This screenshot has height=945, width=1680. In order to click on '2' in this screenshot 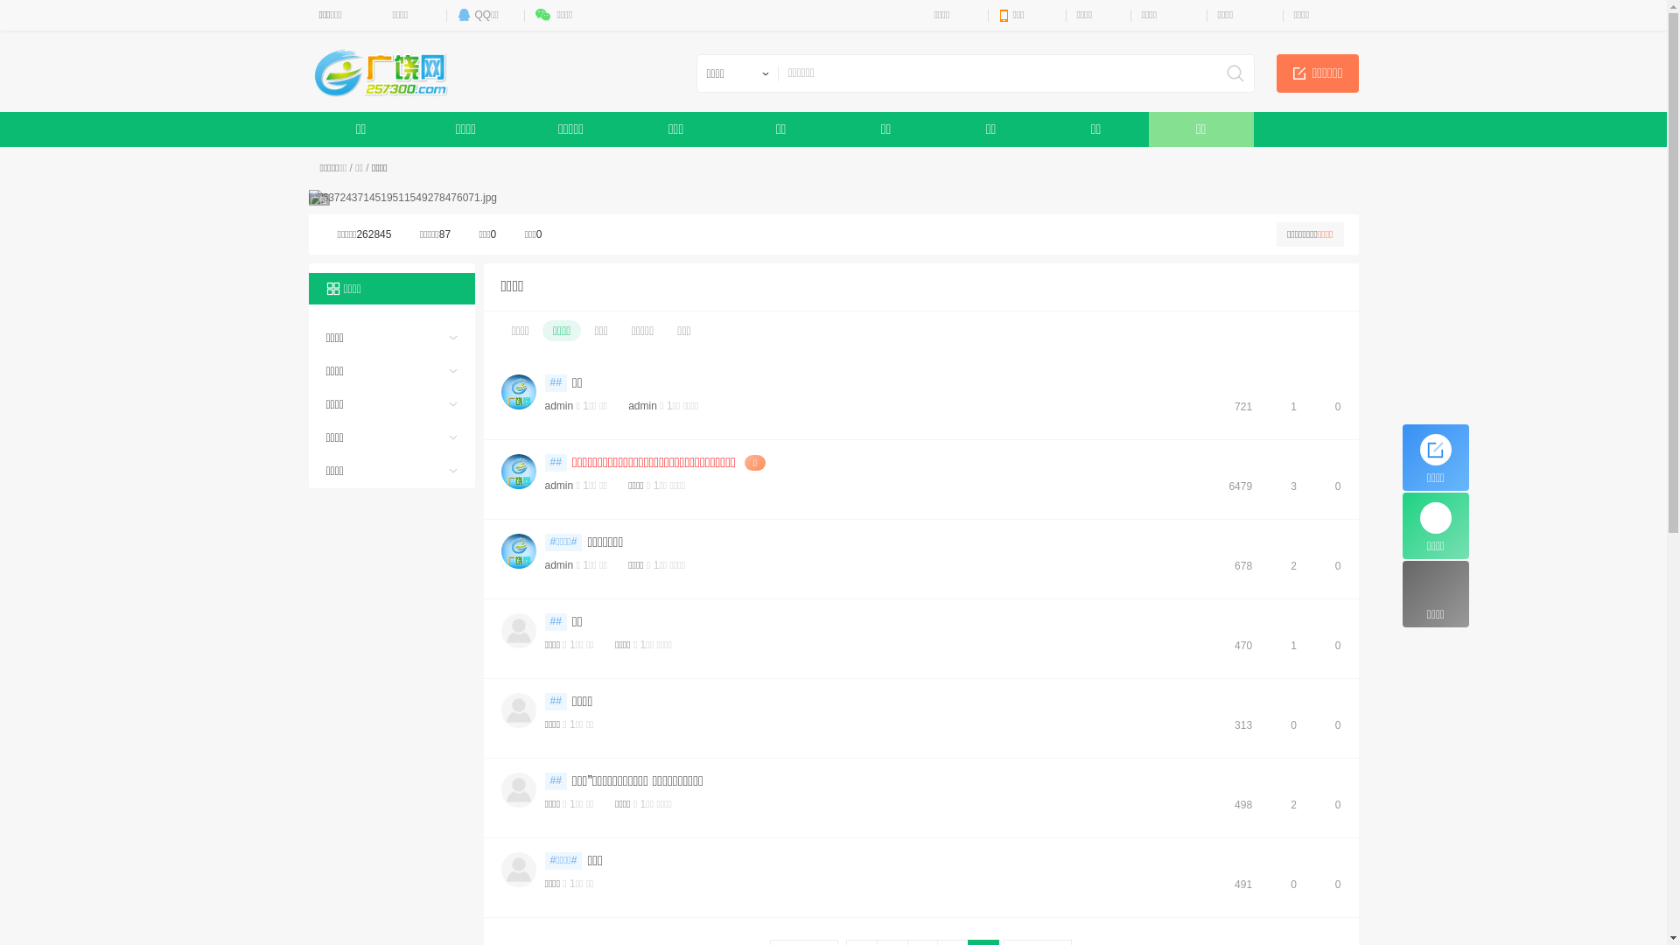, I will do `click(1284, 566)`.